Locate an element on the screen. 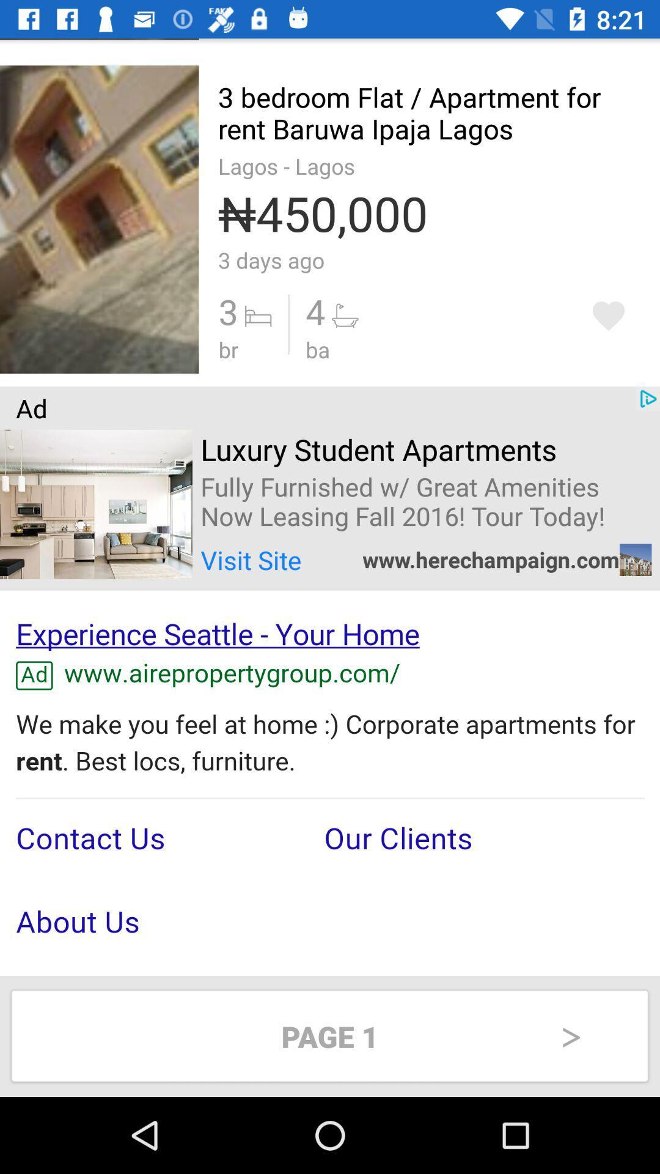  the option which indicates the bed symbol is located at coordinates (252, 324).